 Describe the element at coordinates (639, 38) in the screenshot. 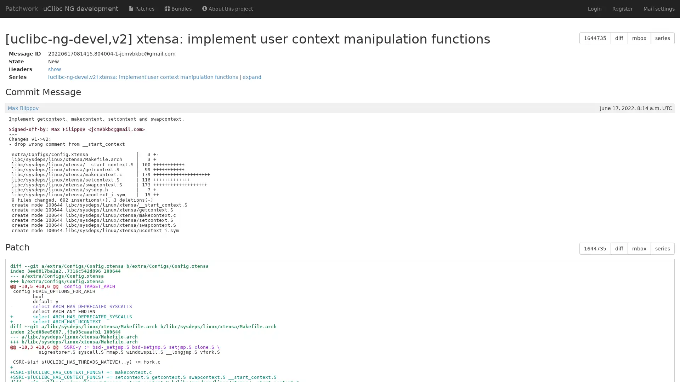

I see `mbox` at that location.